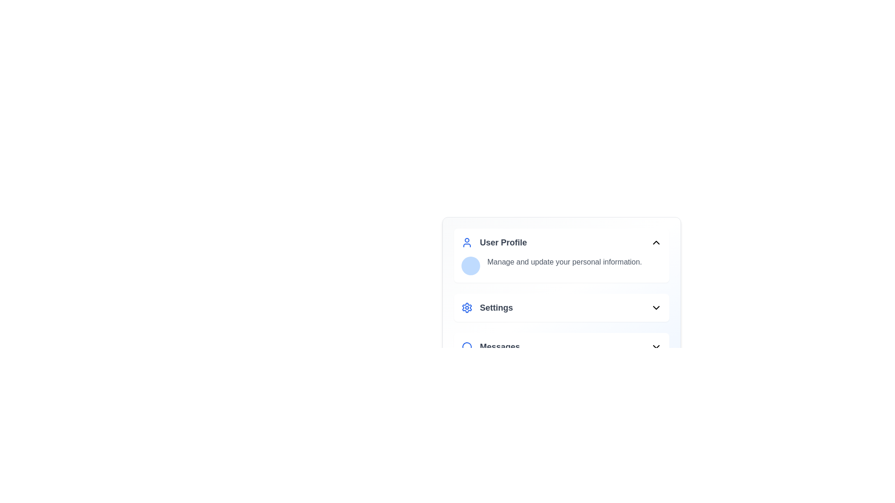  What do you see at coordinates (467, 307) in the screenshot?
I see `the gear-shaped icon that indicates settings or configuration options, located to the left of the 'Settings' label in the menu section` at bounding box center [467, 307].